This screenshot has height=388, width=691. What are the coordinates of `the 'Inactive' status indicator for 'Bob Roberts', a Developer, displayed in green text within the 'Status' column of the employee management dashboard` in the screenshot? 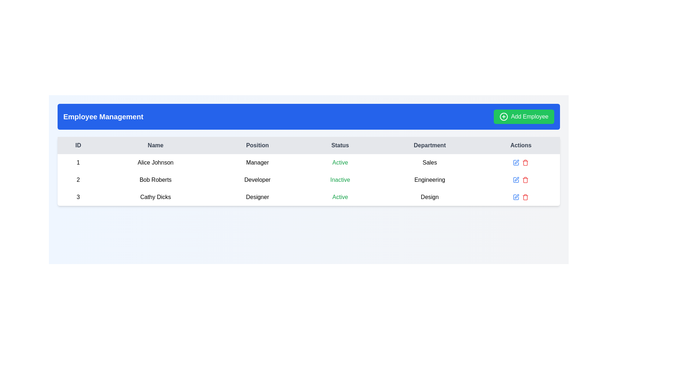 It's located at (340, 180).